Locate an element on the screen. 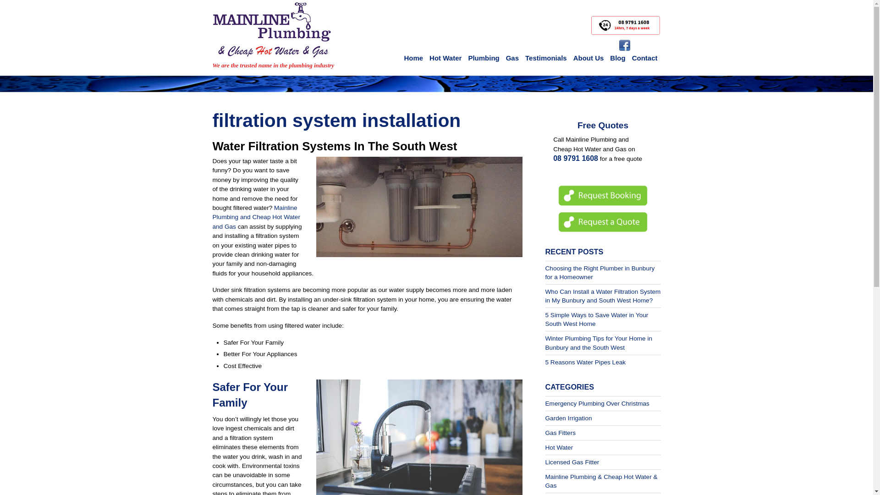 Image resolution: width=880 pixels, height=495 pixels. 'Emergency Plumbing Over Christmas' is located at coordinates (597, 403).